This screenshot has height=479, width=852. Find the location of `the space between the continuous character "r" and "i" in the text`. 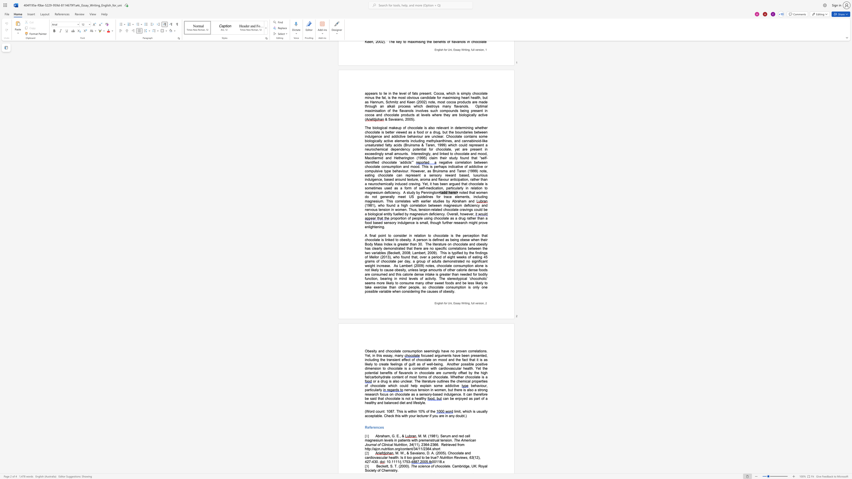

the space between the continuous character "r" and "i" in the text is located at coordinates (446, 458).